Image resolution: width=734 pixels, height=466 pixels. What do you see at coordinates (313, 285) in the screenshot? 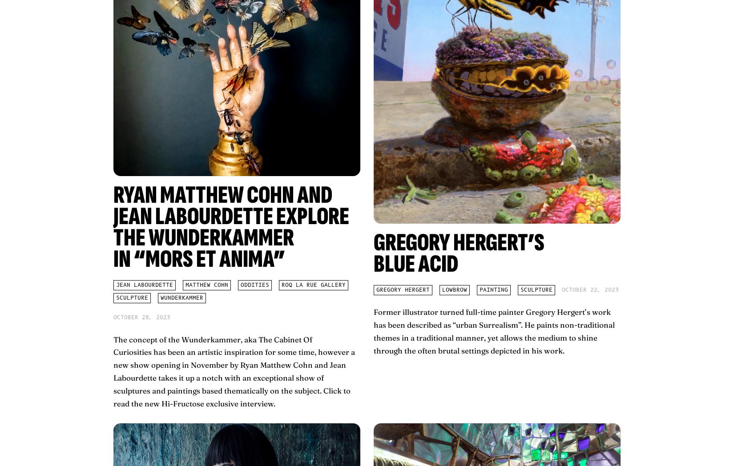
I see `'Roq La Rue Gallery'` at bounding box center [313, 285].